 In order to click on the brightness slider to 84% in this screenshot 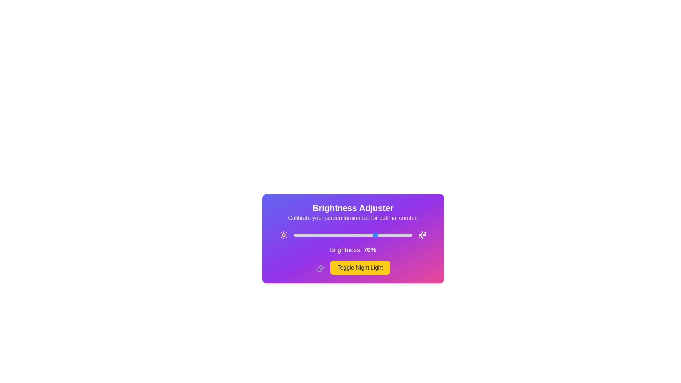, I will do `click(393, 235)`.